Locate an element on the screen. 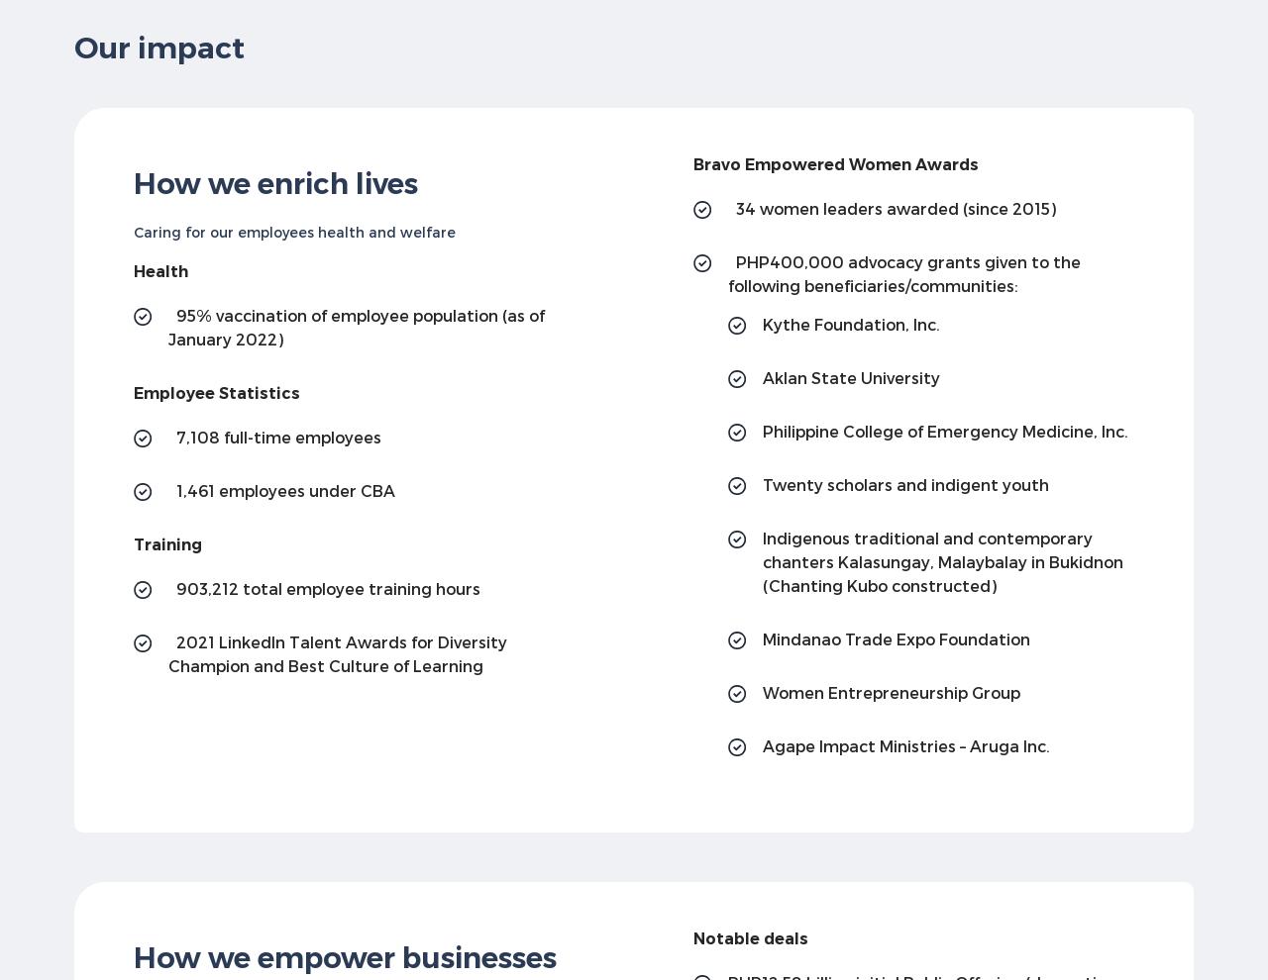  'Mindanao Trade Expo Foundation' is located at coordinates (762, 638).